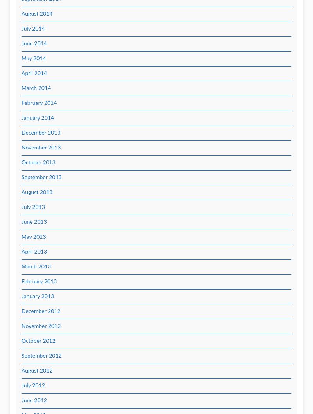  What do you see at coordinates (38, 163) in the screenshot?
I see `'October 2013'` at bounding box center [38, 163].